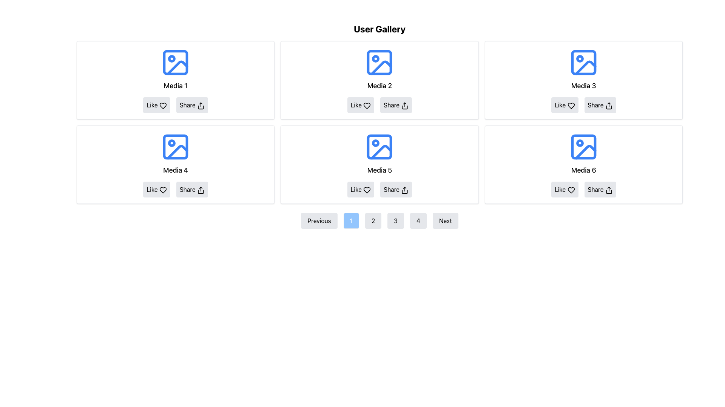  What do you see at coordinates (156, 189) in the screenshot?
I see `the 'Like' button located under the 'Media 4' heading, which is the first button in the action group, to like the associated media` at bounding box center [156, 189].